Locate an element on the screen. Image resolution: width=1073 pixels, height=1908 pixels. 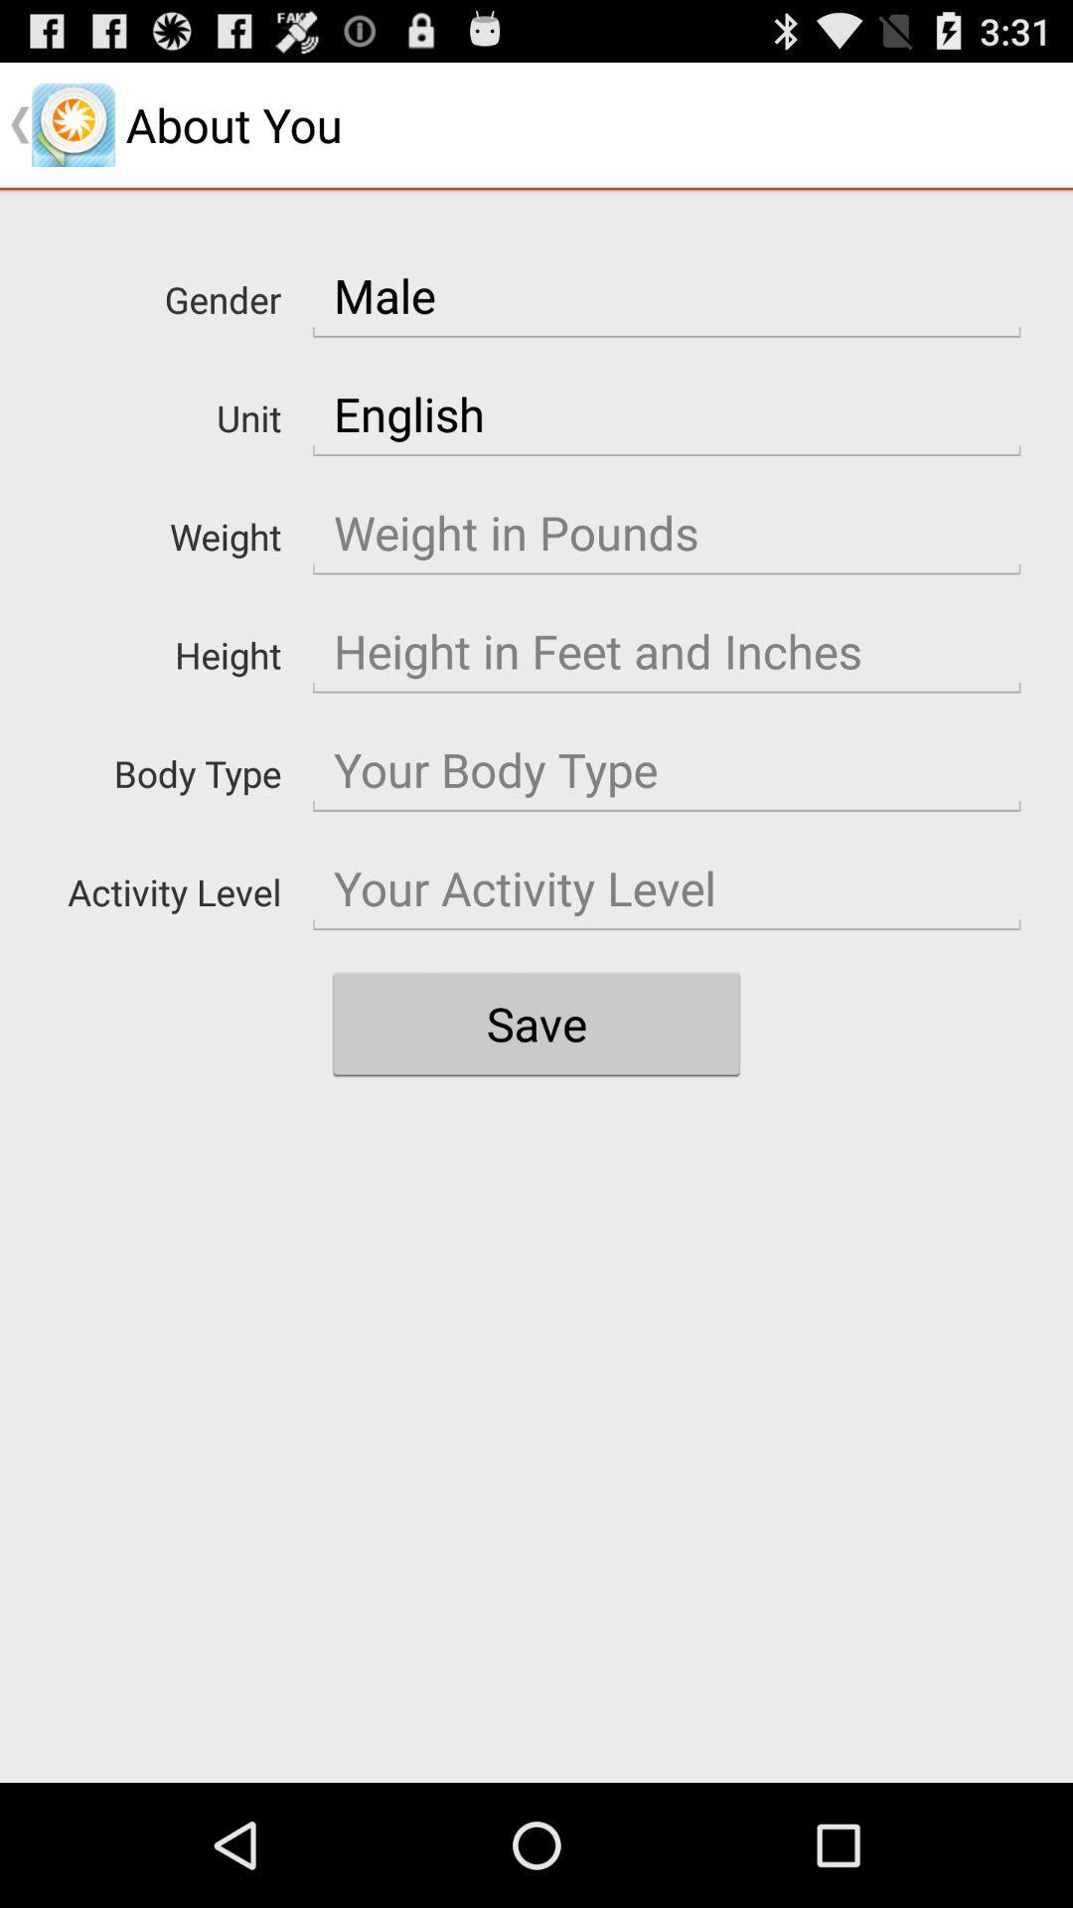
your activity level is located at coordinates (667, 887).